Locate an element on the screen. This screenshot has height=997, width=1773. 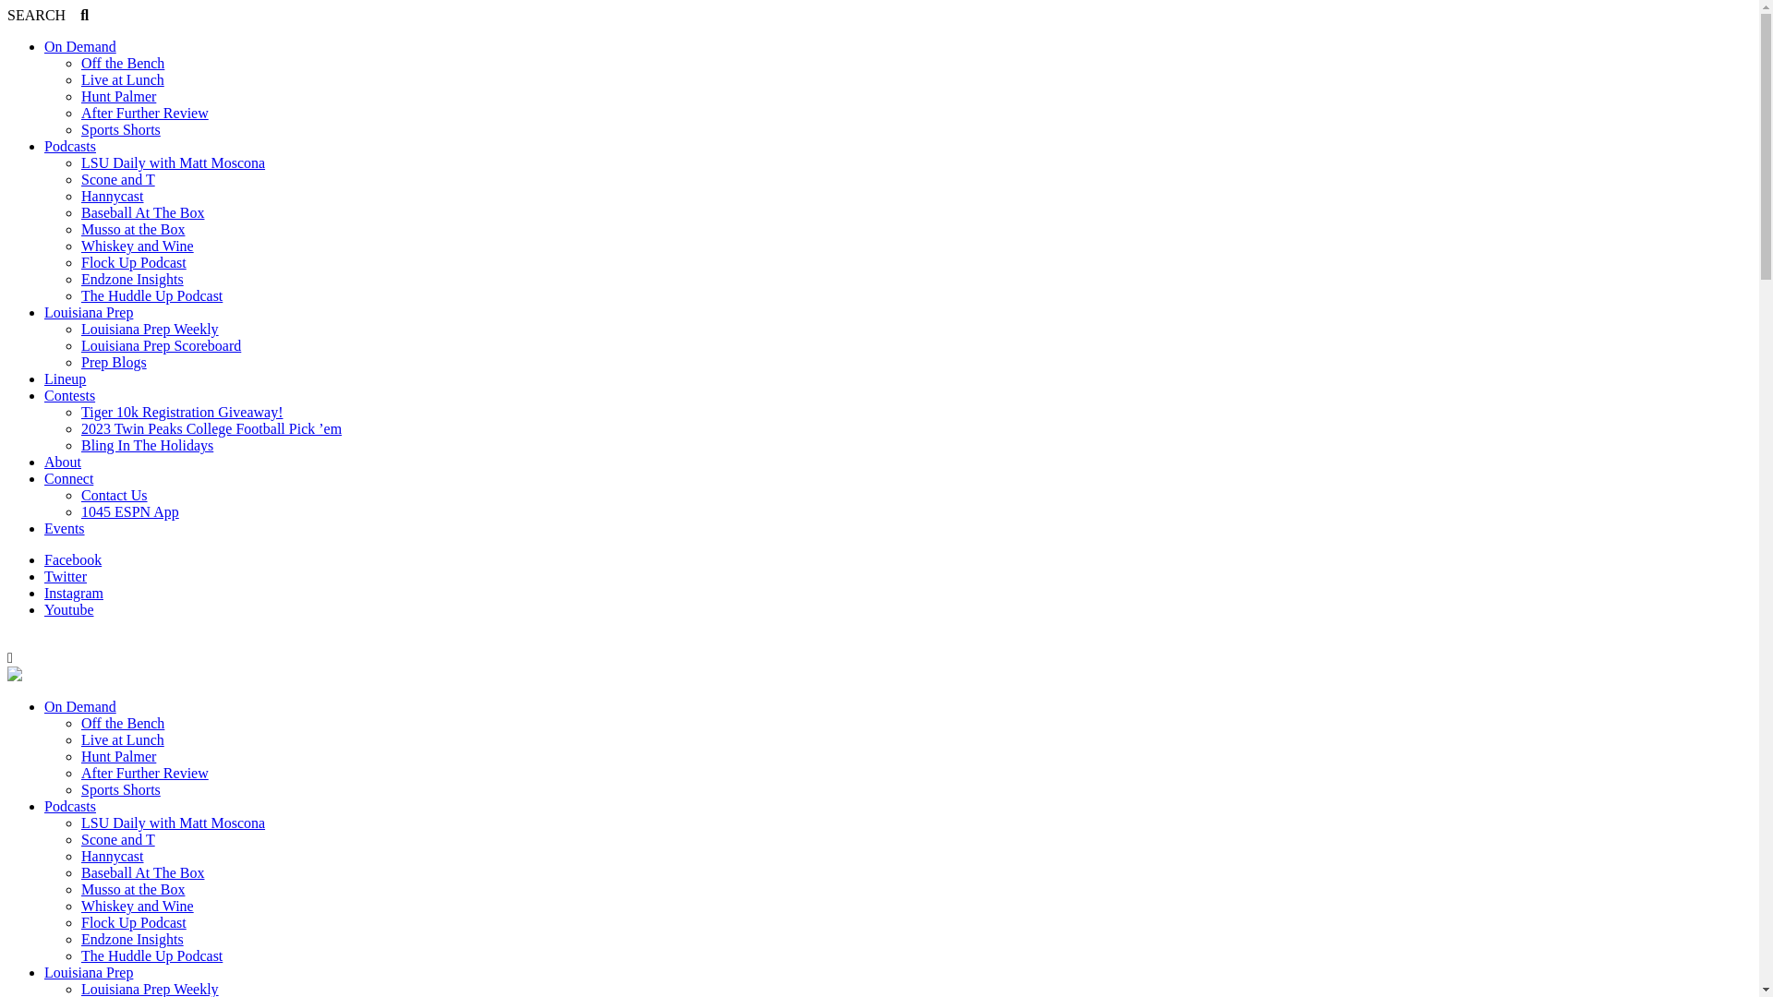
'Lineup' is located at coordinates (65, 378).